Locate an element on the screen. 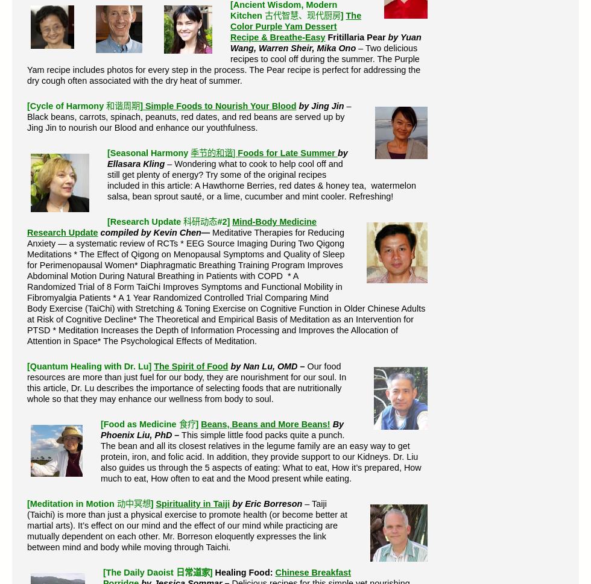  'Kevin Chen' is located at coordinates (177, 232).